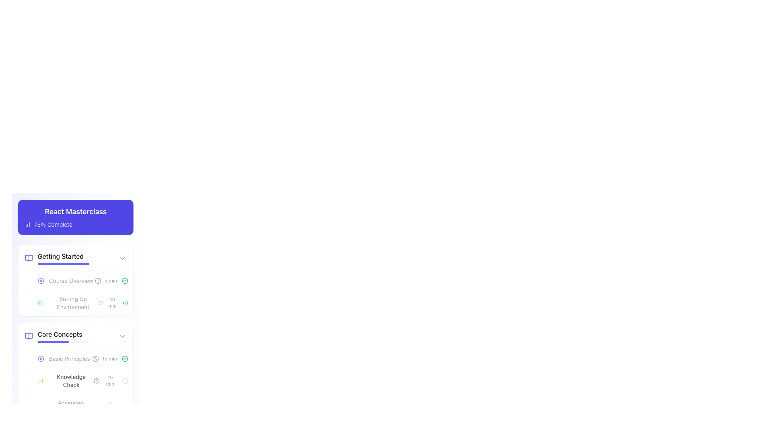  I want to click on the amber column chart icon located to the left of the 'Knowledge Check' text in the 'Core Concepts' section, so click(40, 381).